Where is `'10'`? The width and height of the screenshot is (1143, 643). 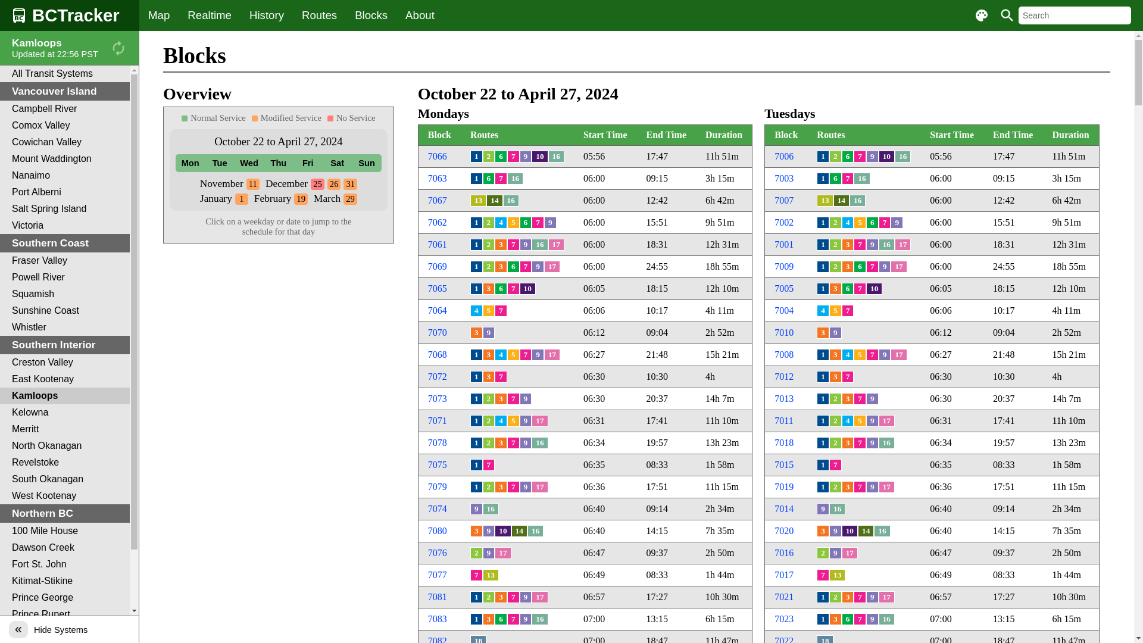
'10' is located at coordinates (527, 289).